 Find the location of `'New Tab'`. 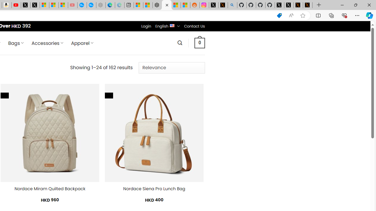

'New Tab' is located at coordinates (319, 5).